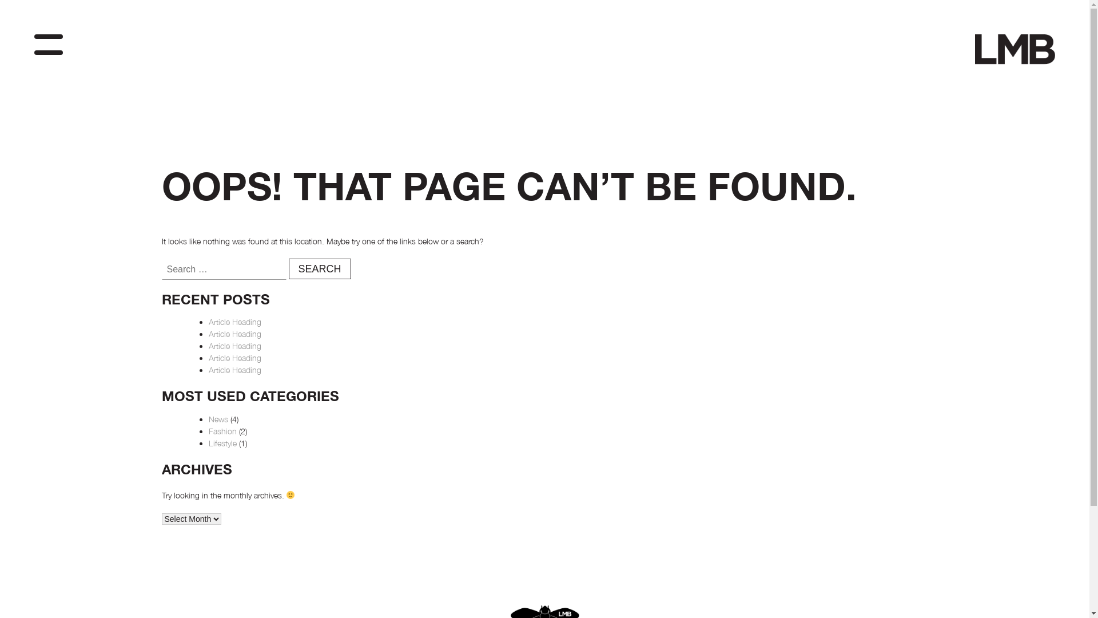  Describe the element at coordinates (233, 345) in the screenshot. I see `'Article Heading'` at that location.